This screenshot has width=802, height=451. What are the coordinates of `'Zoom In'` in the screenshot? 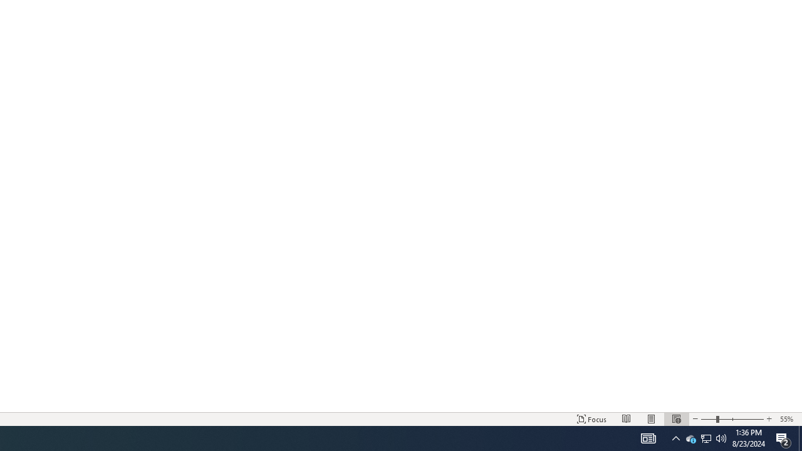 It's located at (768, 419).